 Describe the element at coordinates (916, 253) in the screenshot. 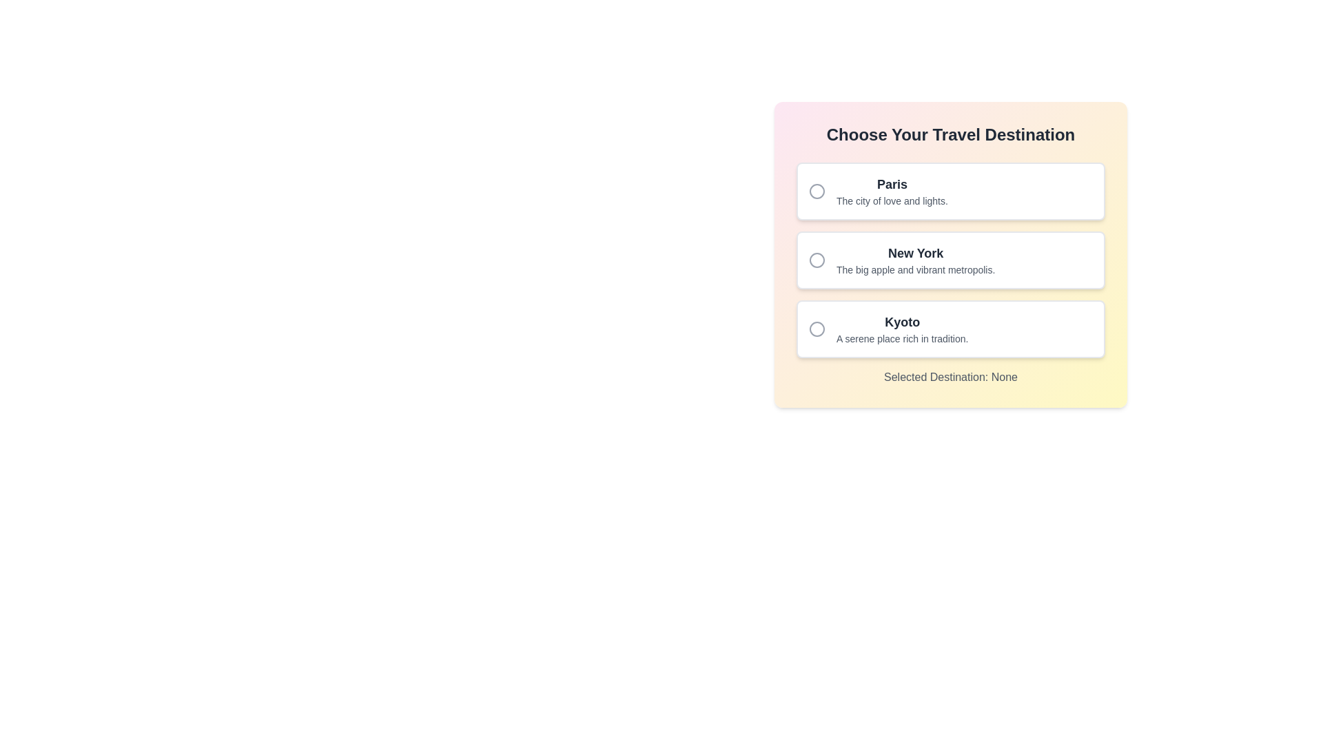

I see `the 'New York' text label` at that location.